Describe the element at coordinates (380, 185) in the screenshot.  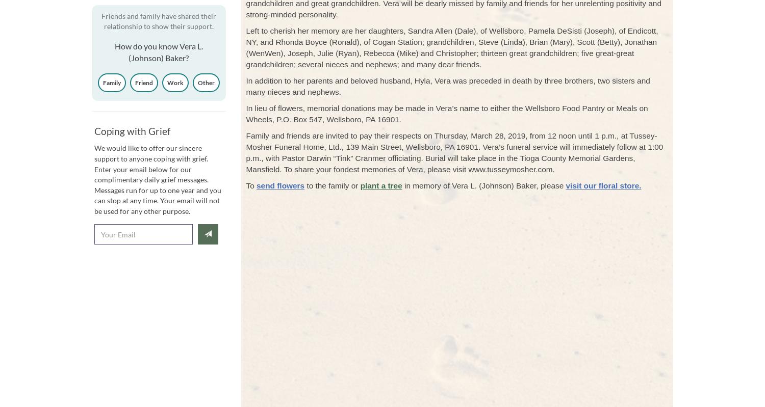
I see `'plant a tree'` at that location.